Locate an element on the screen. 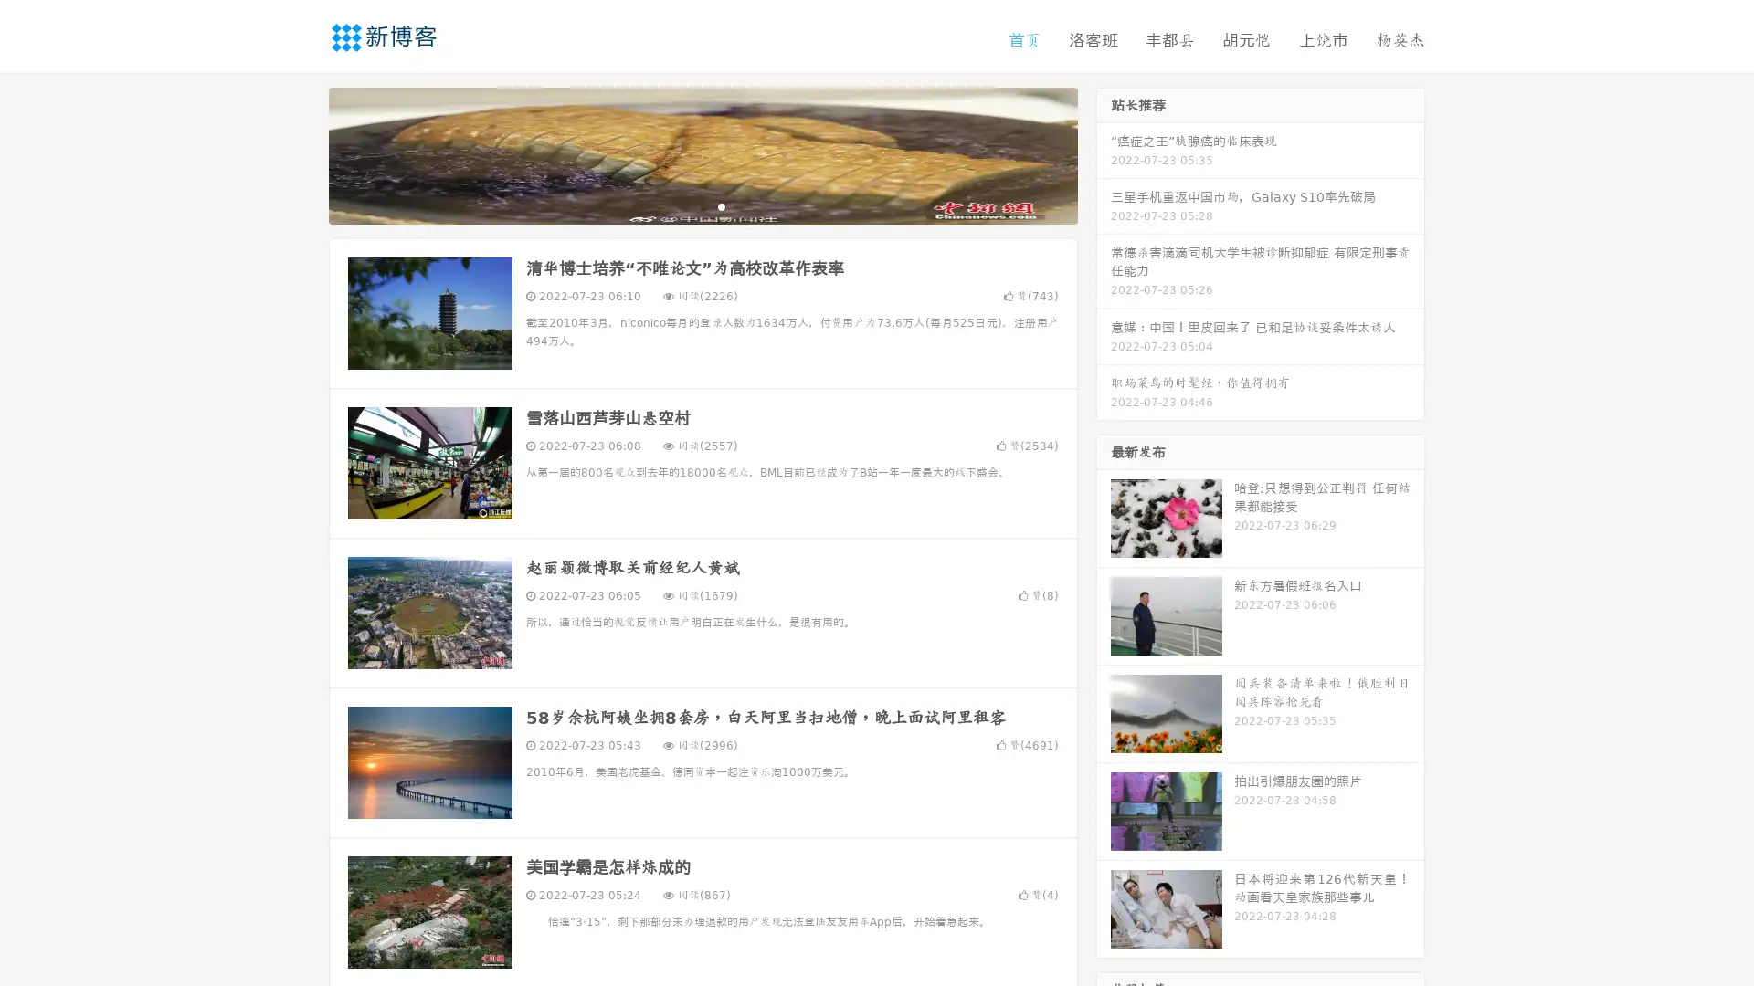  Next slide is located at coordinates (1104, 153).